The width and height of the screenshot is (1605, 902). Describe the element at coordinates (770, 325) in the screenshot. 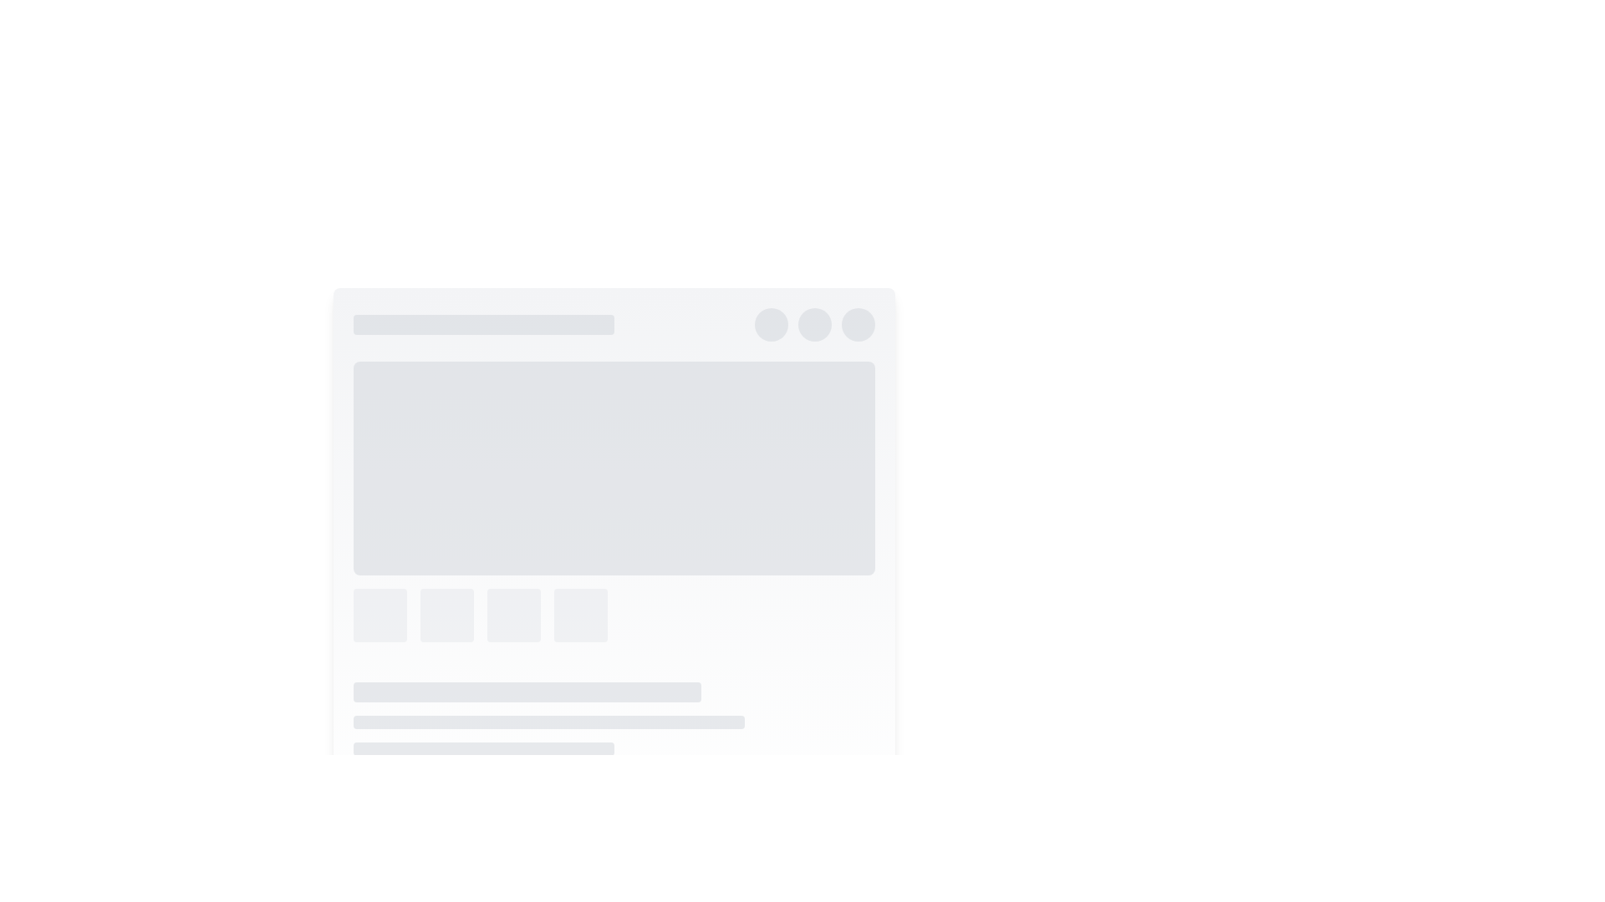

I see `the leftmost circular decorative element located in the top-right corner of the interface` at that location.